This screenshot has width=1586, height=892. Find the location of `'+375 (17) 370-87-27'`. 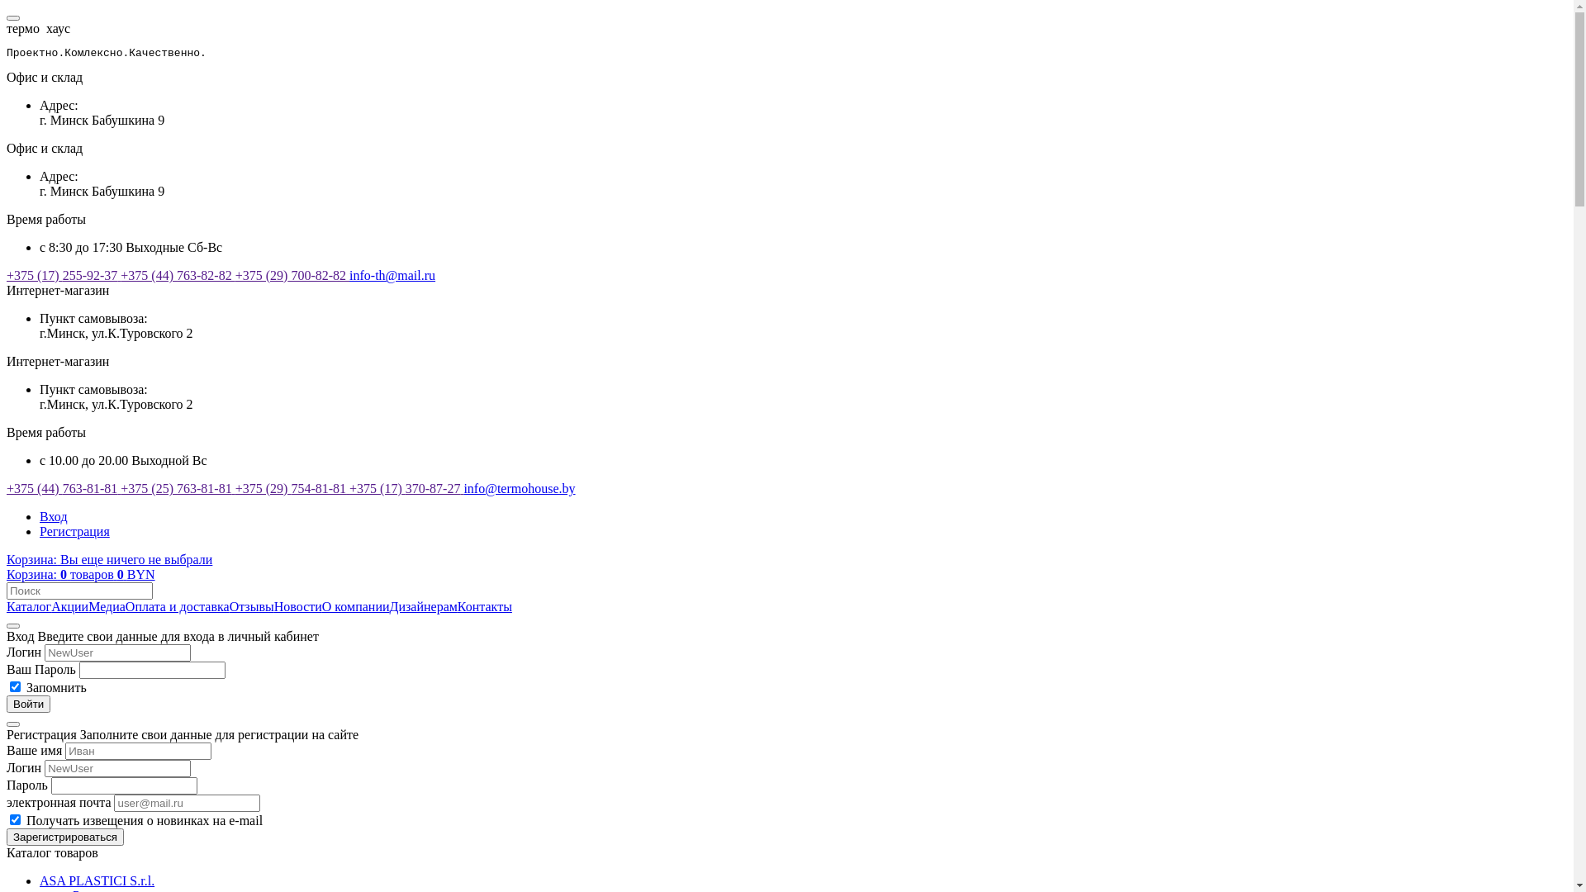

'+375 (17) 370-87-27' is located at coordinates (406, 487).